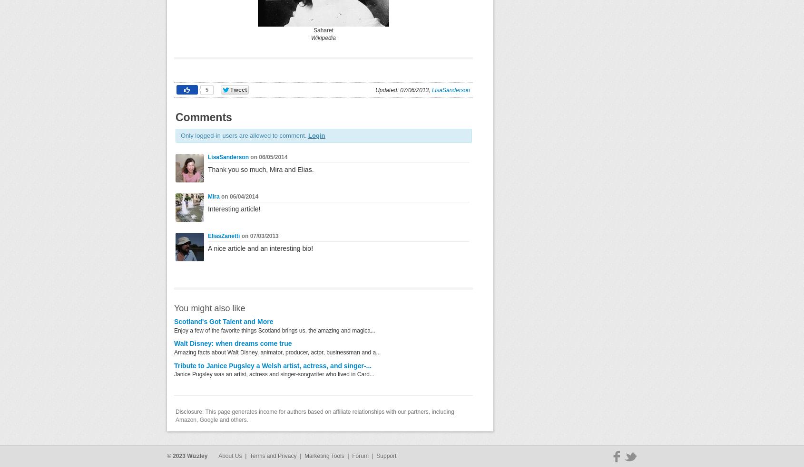 This screenshot has height=467, width=804. What do you see at coordinates (205, 90) in the screenshot?
I see `'5'` at bounding box center [205, 90].